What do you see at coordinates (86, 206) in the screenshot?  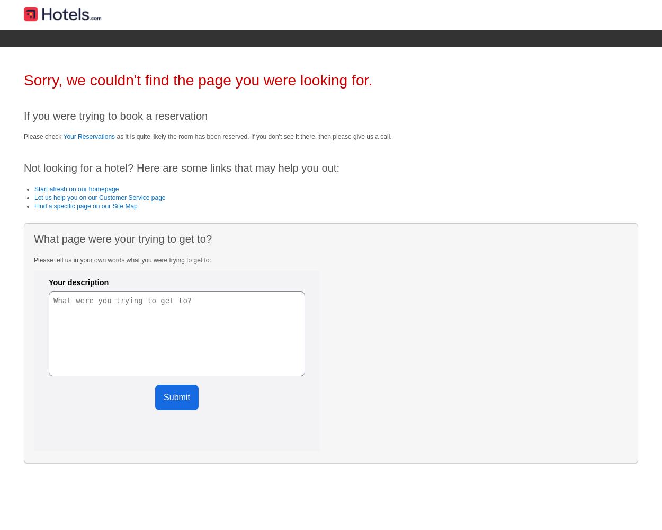 I see `'Find a specific page on our Site Map'` at bounding box center [86, 206].